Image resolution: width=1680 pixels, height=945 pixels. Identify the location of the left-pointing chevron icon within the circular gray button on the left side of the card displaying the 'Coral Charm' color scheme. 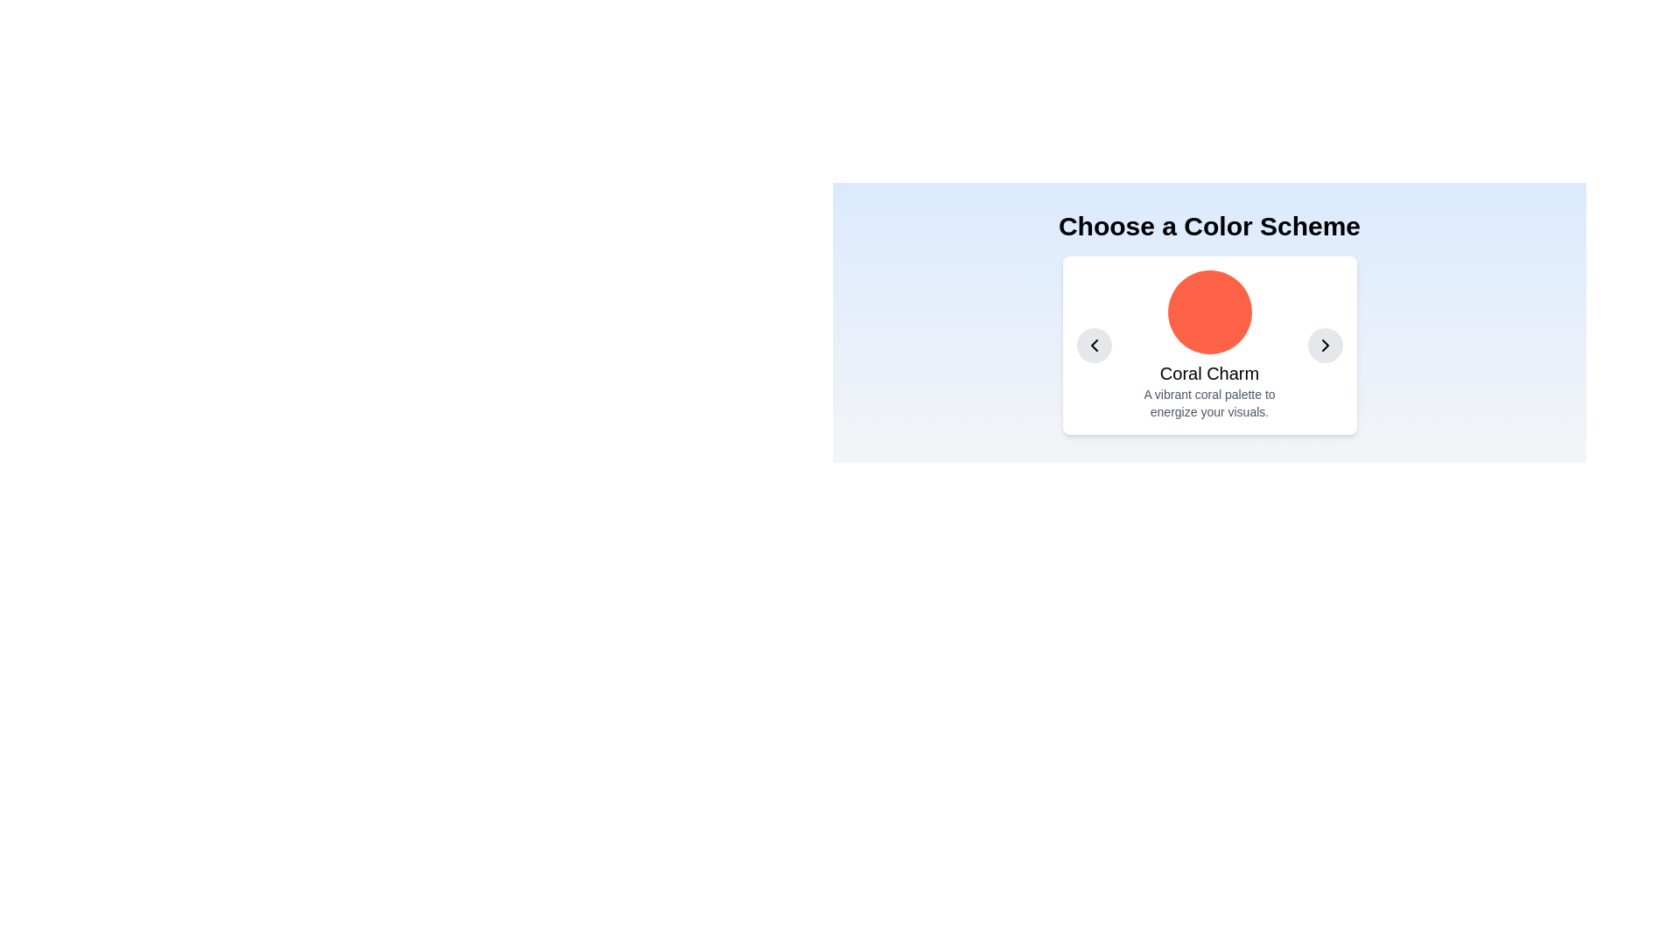
(1093, 345).